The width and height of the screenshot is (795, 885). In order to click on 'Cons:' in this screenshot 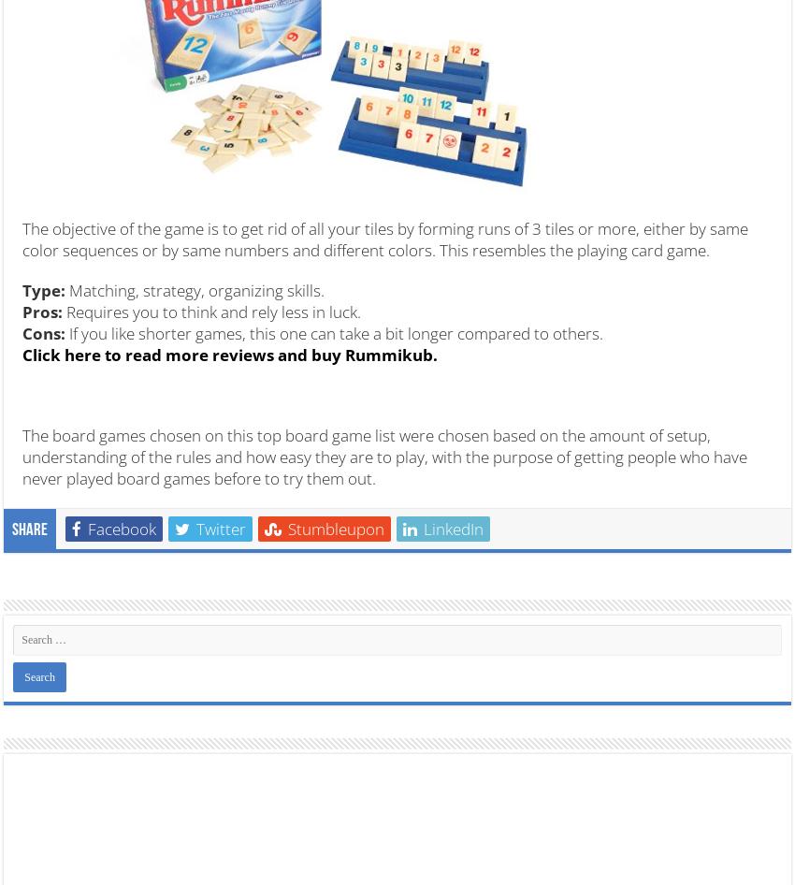, I will do `click(44, 332)`.